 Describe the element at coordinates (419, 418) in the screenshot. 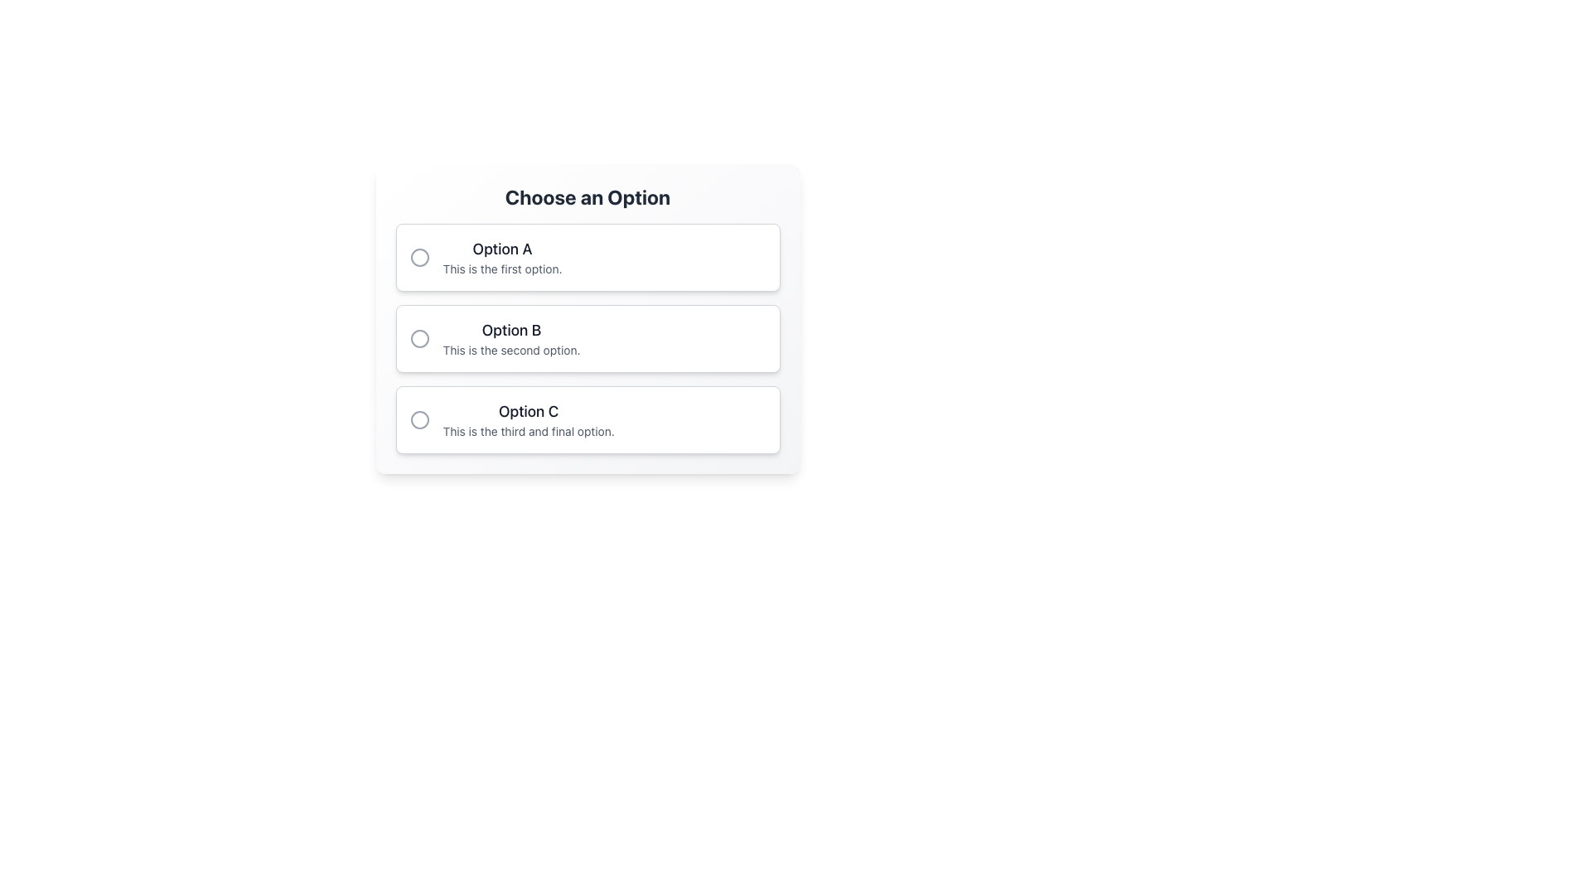

I see `the Circular SVG graphical component styled as a gray stroke circle, which is part of the radio button for 'Option C' at the bottom of the option list` at that location.